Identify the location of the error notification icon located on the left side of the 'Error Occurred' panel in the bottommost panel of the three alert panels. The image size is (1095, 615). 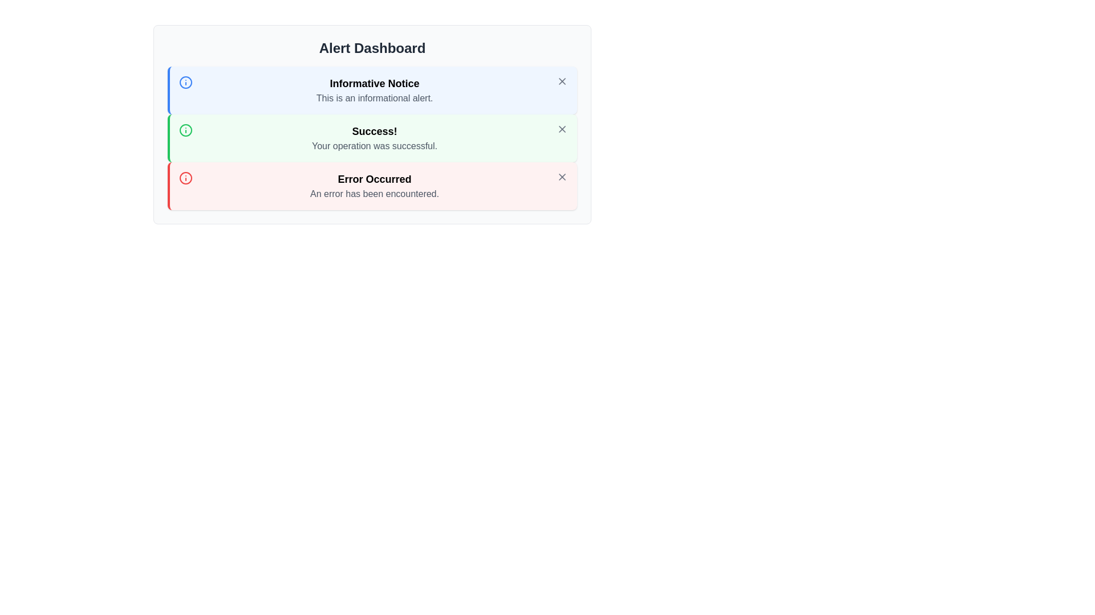
(186, 178).